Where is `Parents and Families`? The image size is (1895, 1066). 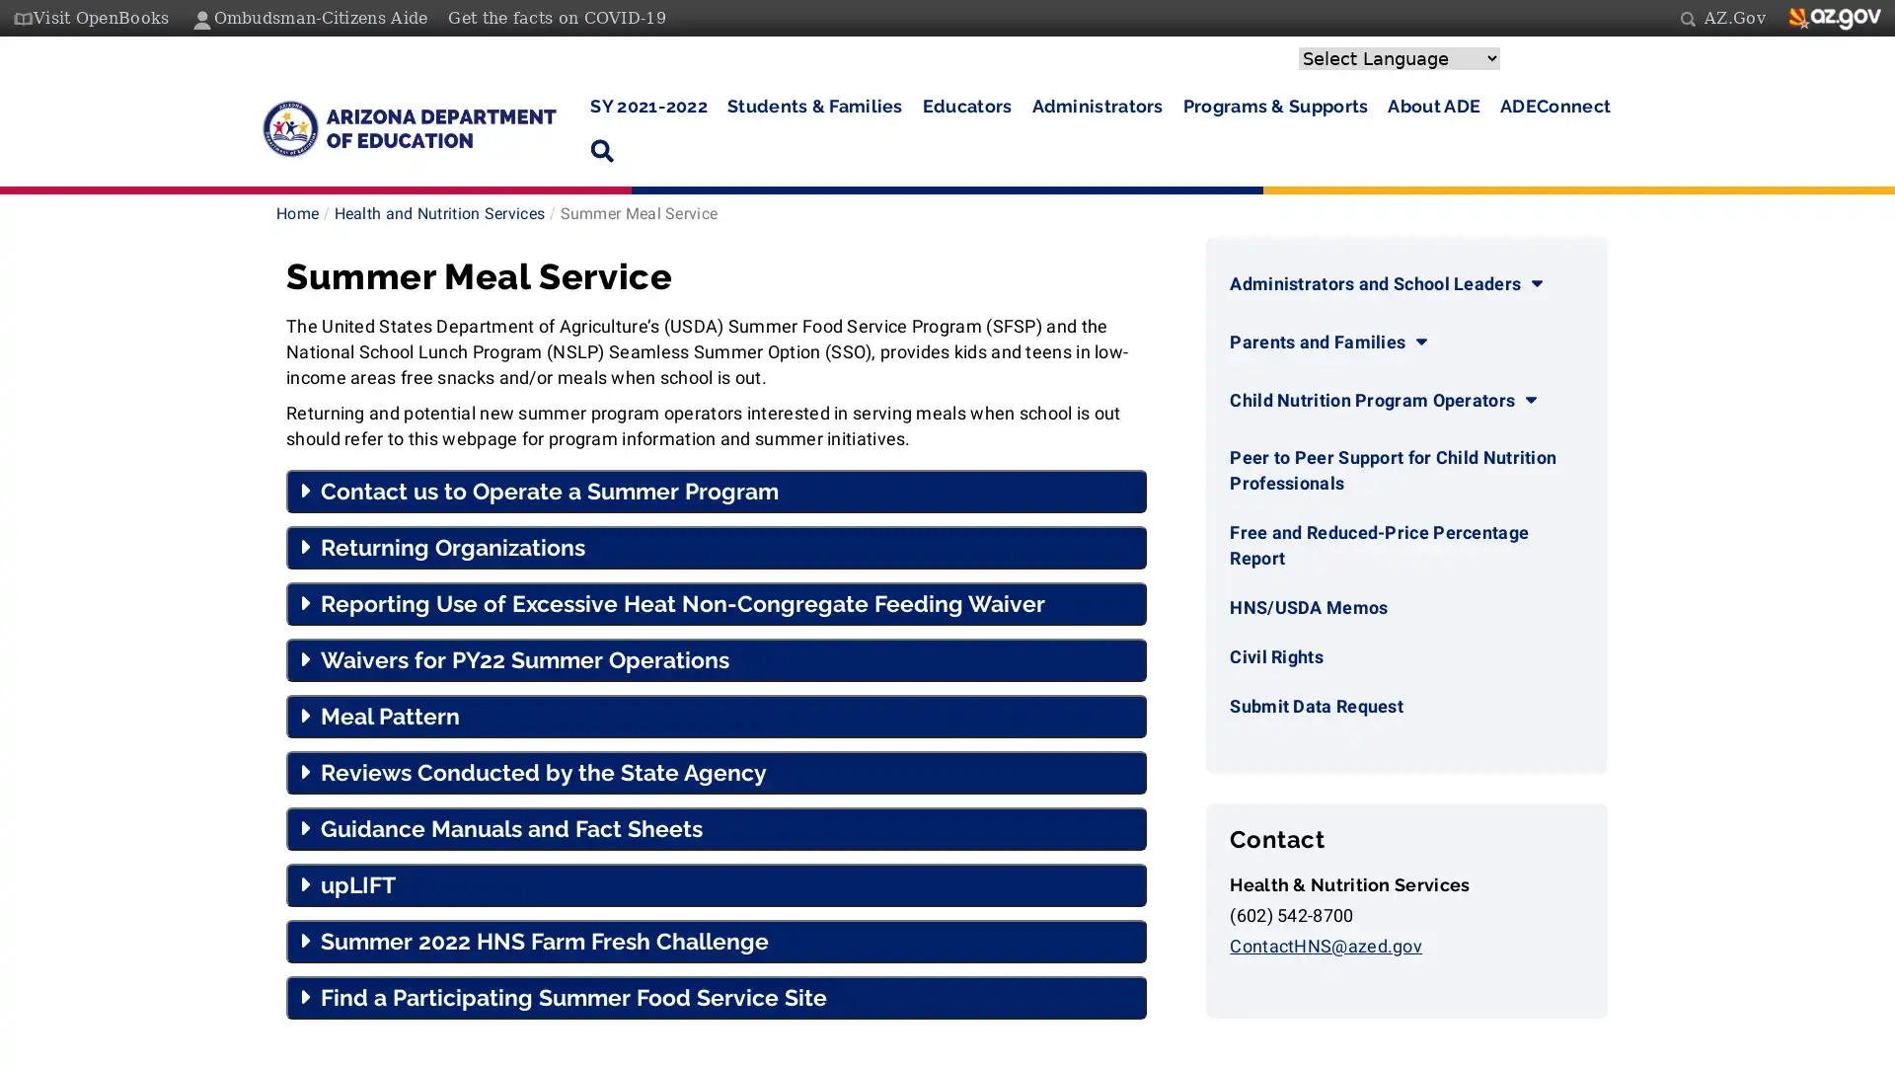 Parents and Families is located at coordinates (1421, 342).